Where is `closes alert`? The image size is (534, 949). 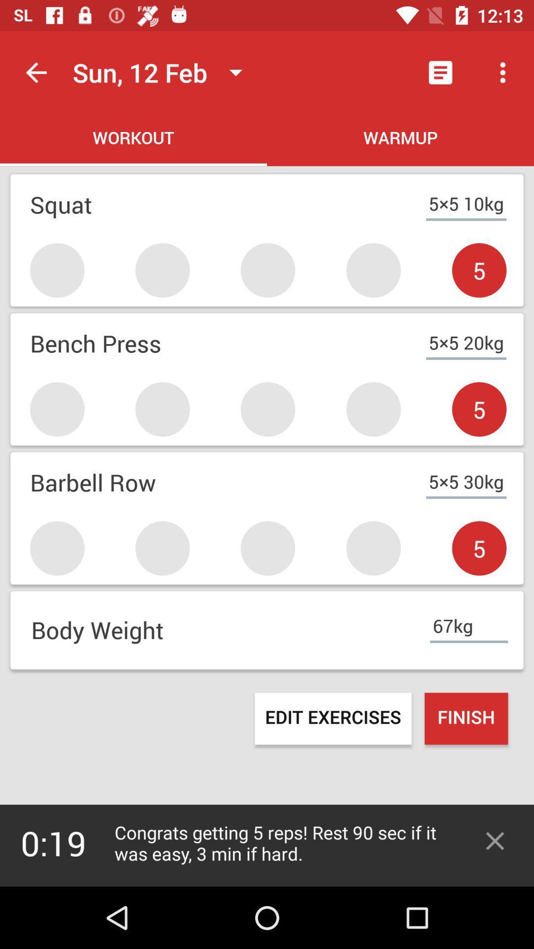 closes alert is located at coordinates (495, 840).